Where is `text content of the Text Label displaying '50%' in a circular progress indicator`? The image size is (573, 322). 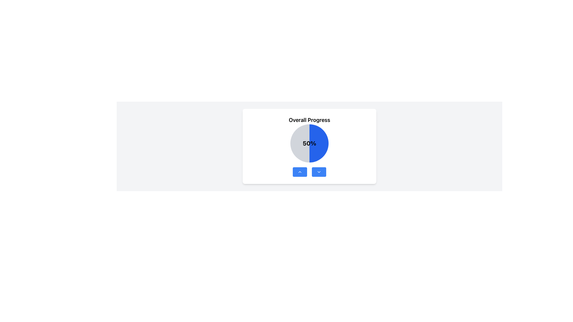
text content of the Text Label displaying '50%' in a circular progress indicator is located at coordinates (309, 143).